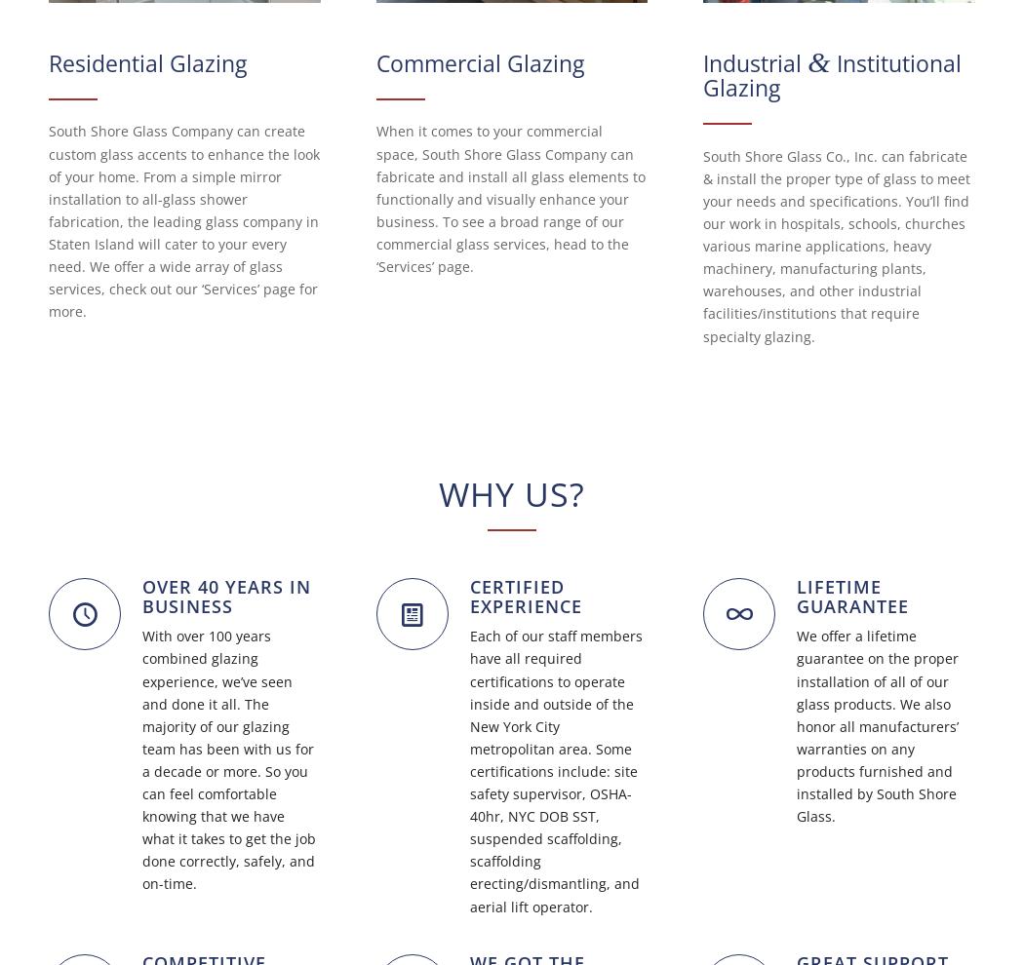 The image size is (1024, 965). Describe the element at coordinates (525, 595) in the screenshot. I see `'Certified Experience'` at that location.